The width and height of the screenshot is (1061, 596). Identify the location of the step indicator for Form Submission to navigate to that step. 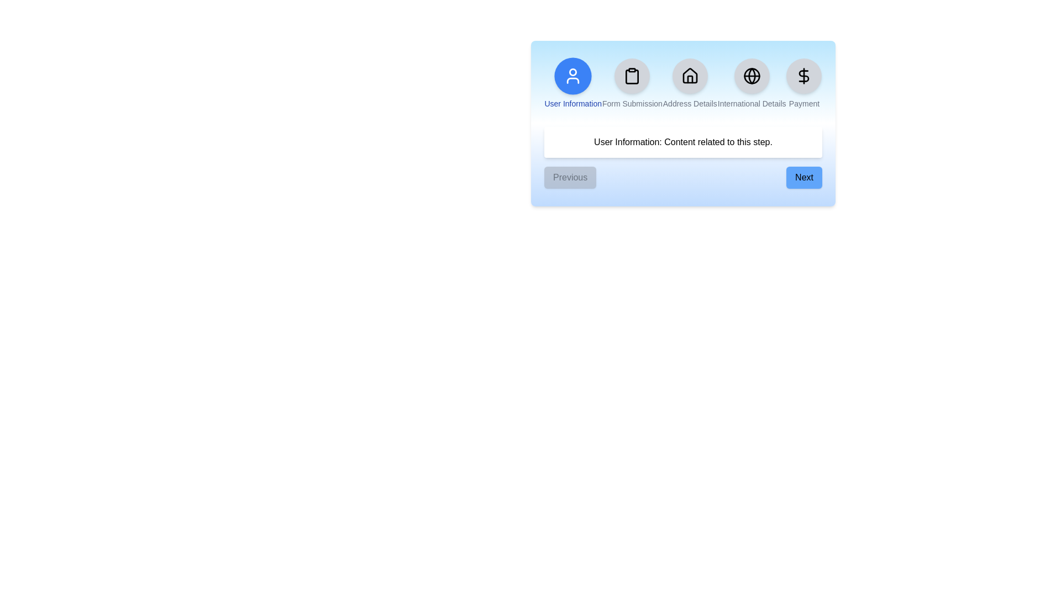
(632, 83).